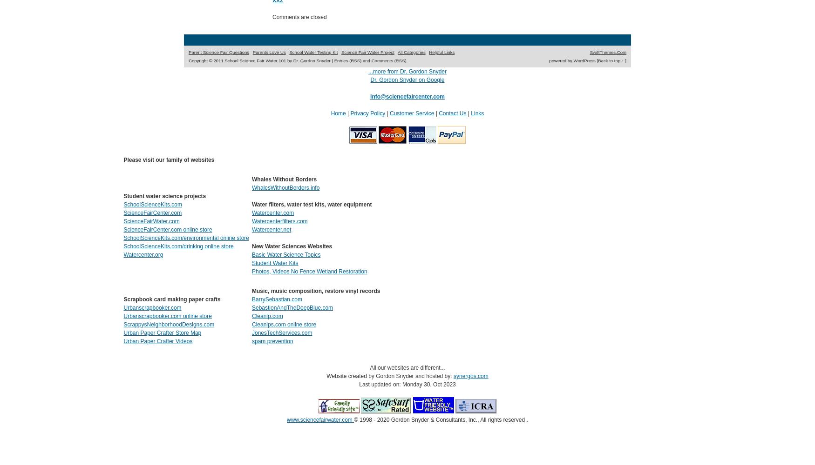  Describe the element at coordinates (338, 113) in the screenshot. I see `'Home'` at that location.